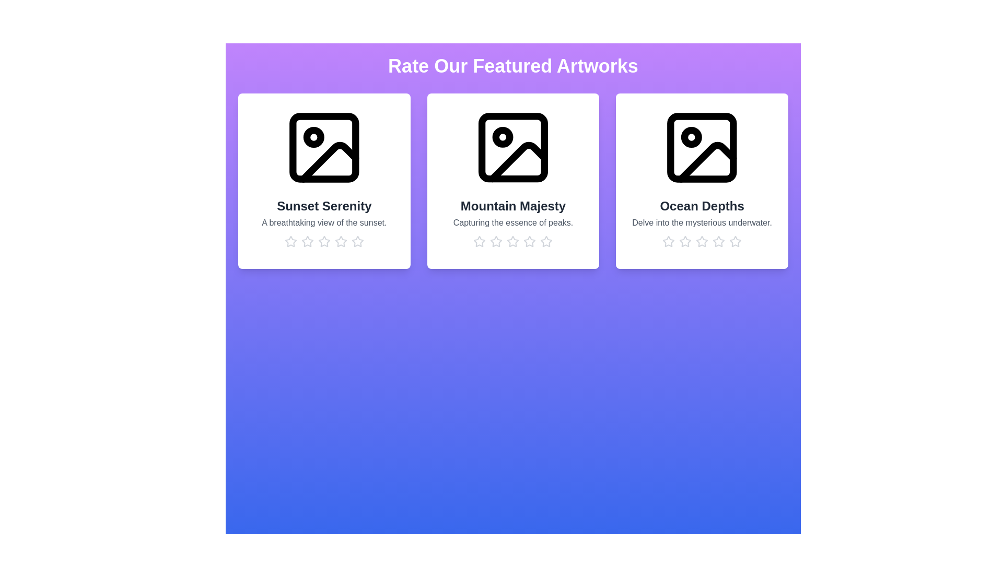  Describe the element at coordinates (685, 241) in the screenshot. I see `the rating for the artwork 'Ocean Depths' to 2 stars` at that location.